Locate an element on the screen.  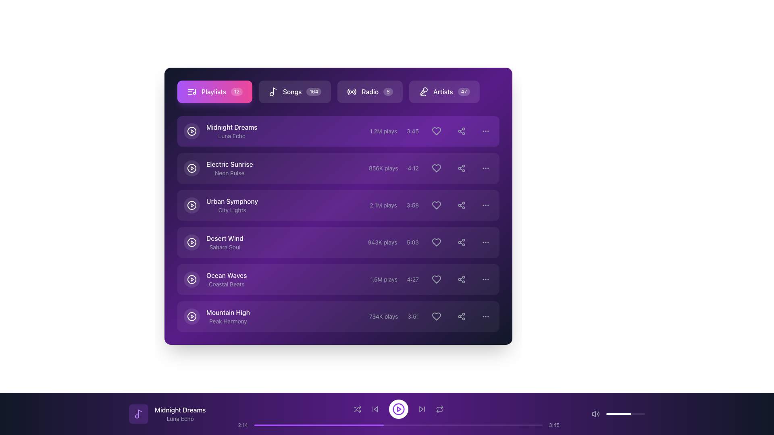
the Icon button resembling a share symbol located in the 'Urban Symphony' row, second-to-last column, for additional interactions is located at coordinates (462, 205).